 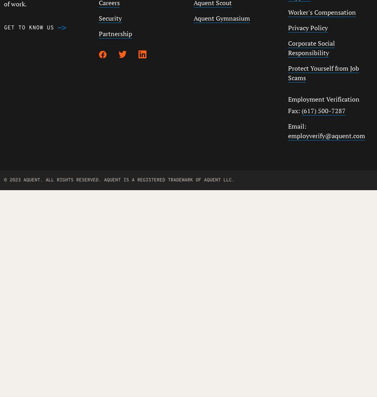 What do you see at coordinates (326, 135) in the screenshot?
I see `'employverify@aquent.com'` at bounding box center [326, 135].